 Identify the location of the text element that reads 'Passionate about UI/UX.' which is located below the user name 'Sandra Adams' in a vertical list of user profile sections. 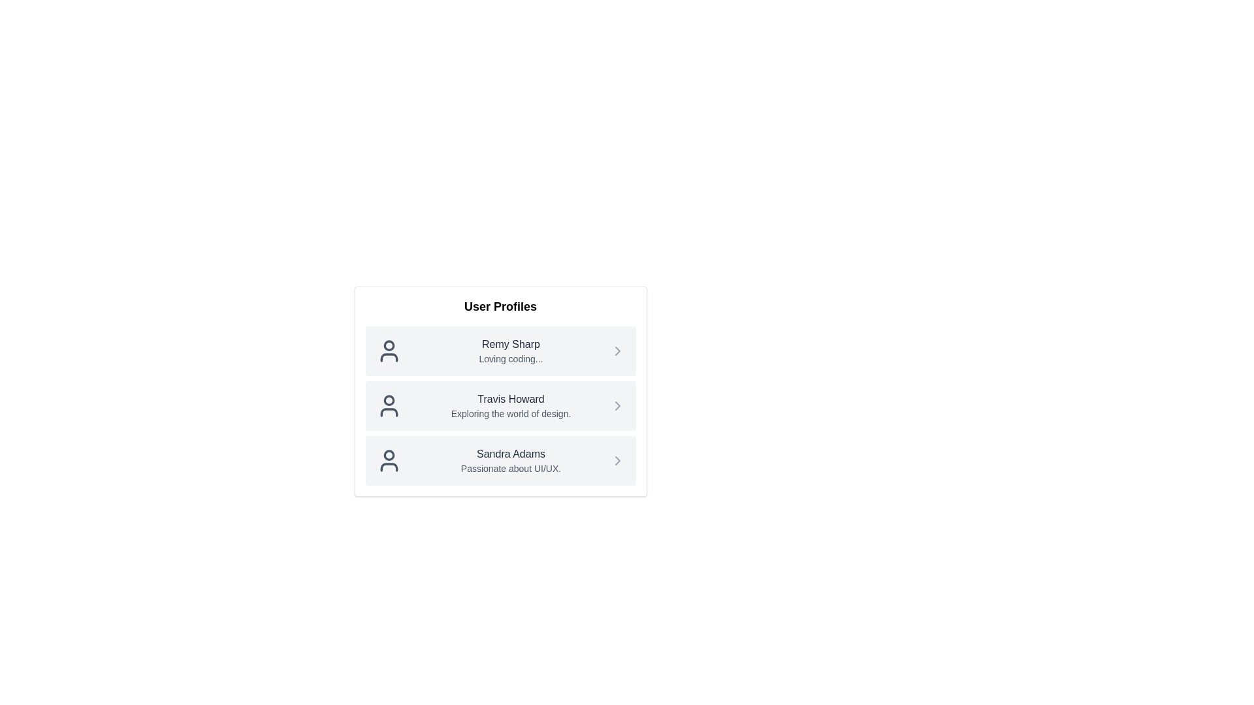
(510, 467).